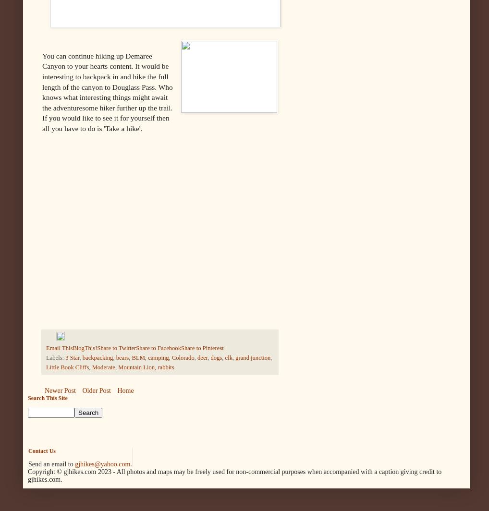 Image resolution: width=489 pixels, height=511 pixels. I want to click on '2023 -', so click(106, 472).